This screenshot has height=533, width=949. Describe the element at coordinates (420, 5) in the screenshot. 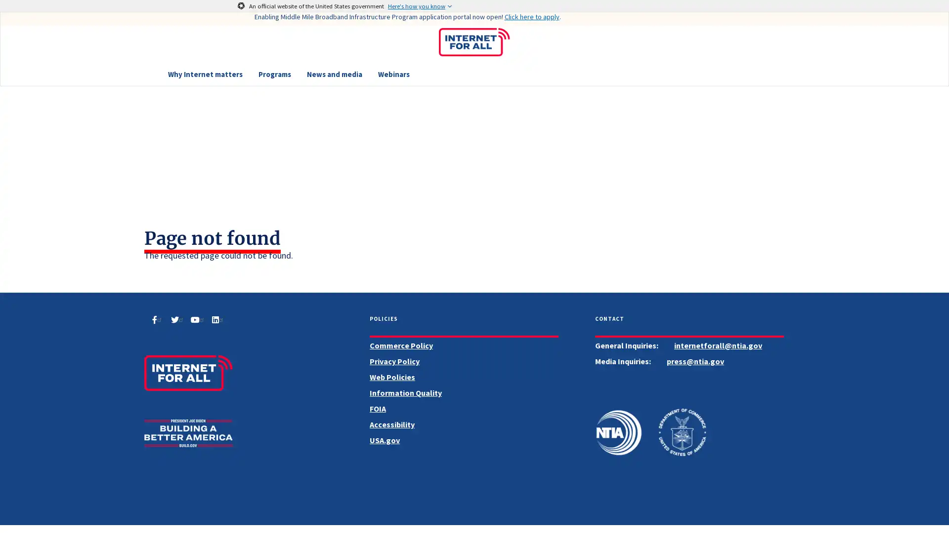

I see `Here's how you know` at that location.